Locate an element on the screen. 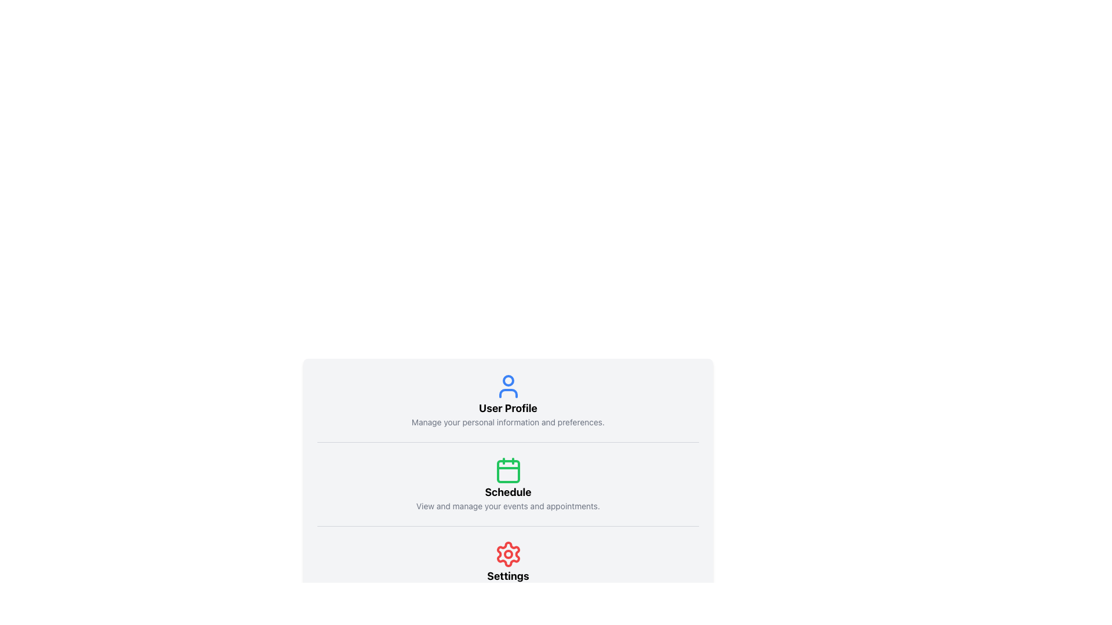 The height and width of the screenshot is (625, 1112). the central Informational section for scheduling, located between the 'User Profile' and 'Settings' sections is located at coordinates (508, 484).